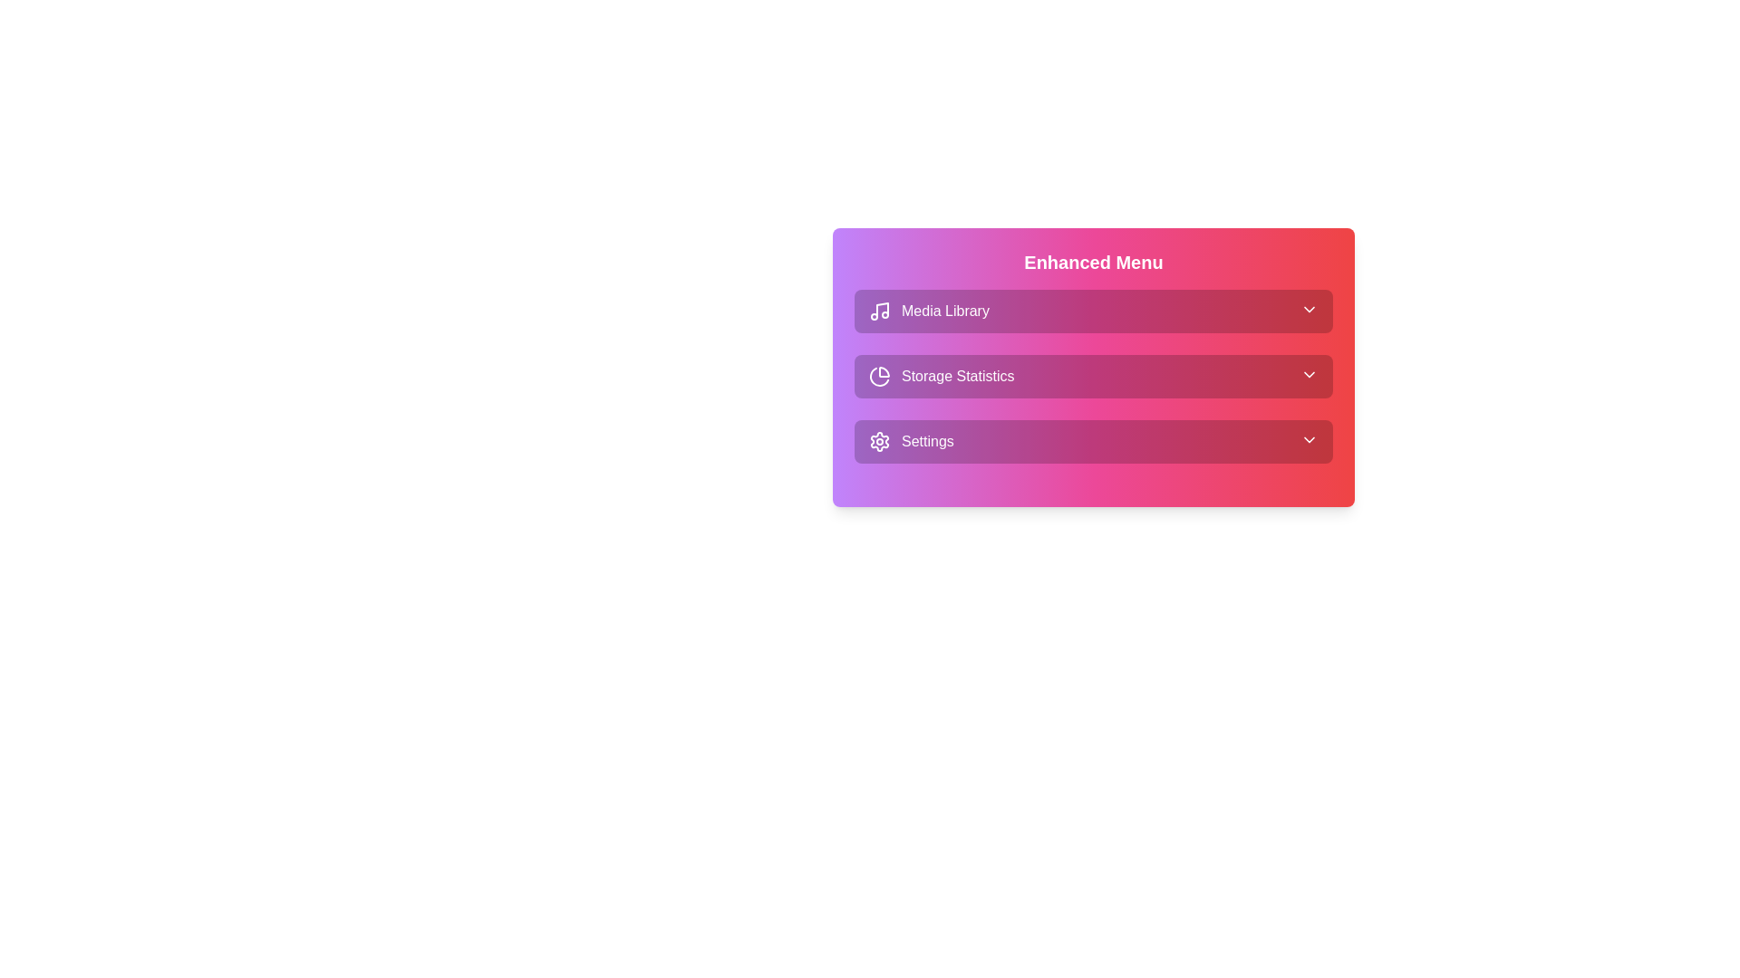 The image size is (1740, 978). I want to click on the downward-pointing chevron icon button located in the top-right corner of the 'Media Library' button within the 'Enhanced Menu' interface, so click(1309, 309).